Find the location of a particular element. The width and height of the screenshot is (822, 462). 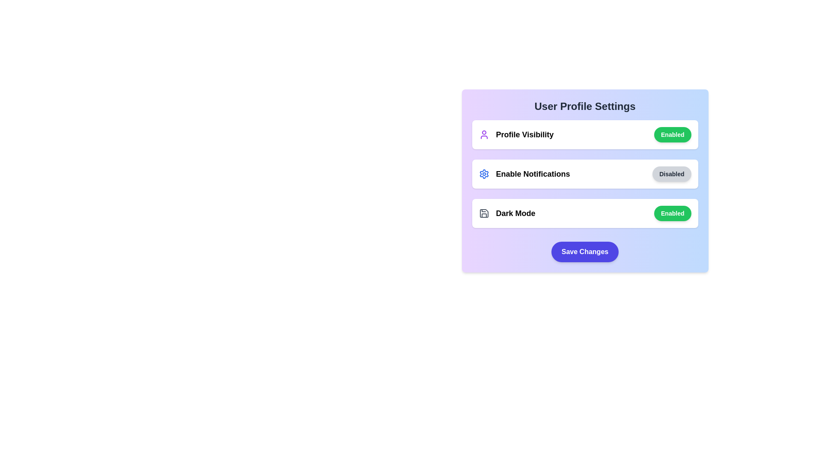

the Enable Notifications section to observe visual feedback is located at coordinates (584, 174).